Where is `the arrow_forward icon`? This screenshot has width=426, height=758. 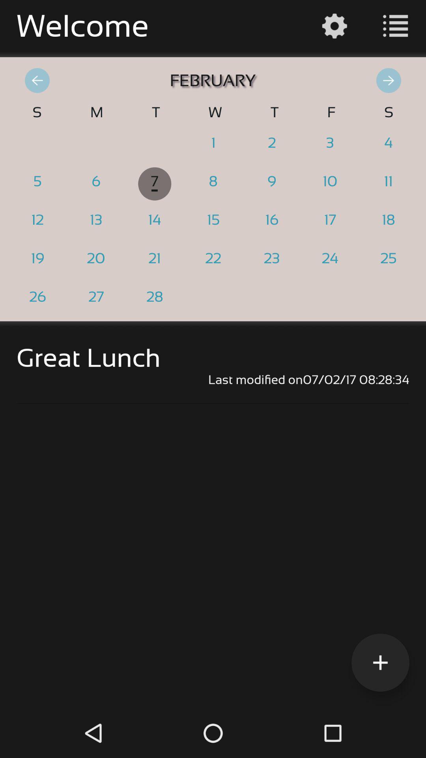 the arrow_forward icon is located at coordinates (392, 81).